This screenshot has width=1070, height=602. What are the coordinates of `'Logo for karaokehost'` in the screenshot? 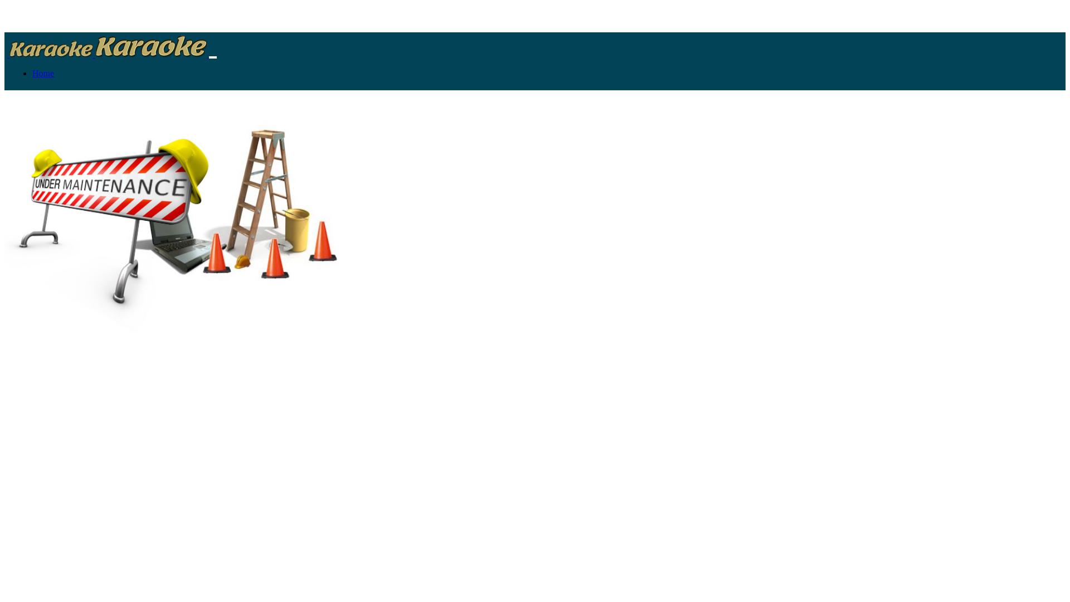 It's located at (50, 48).